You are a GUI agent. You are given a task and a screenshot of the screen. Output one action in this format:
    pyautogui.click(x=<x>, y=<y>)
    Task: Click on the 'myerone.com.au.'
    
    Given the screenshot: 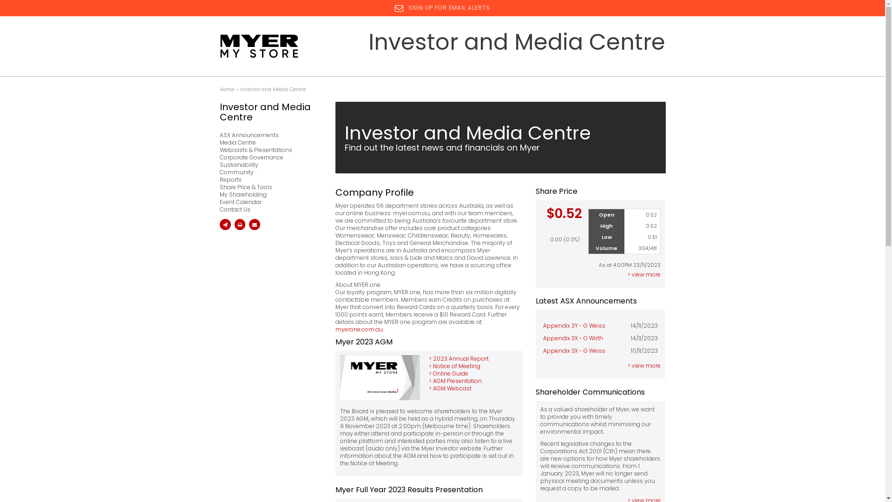 What is the action you would take?
    pyautogui.click(x=334, y=329)
    